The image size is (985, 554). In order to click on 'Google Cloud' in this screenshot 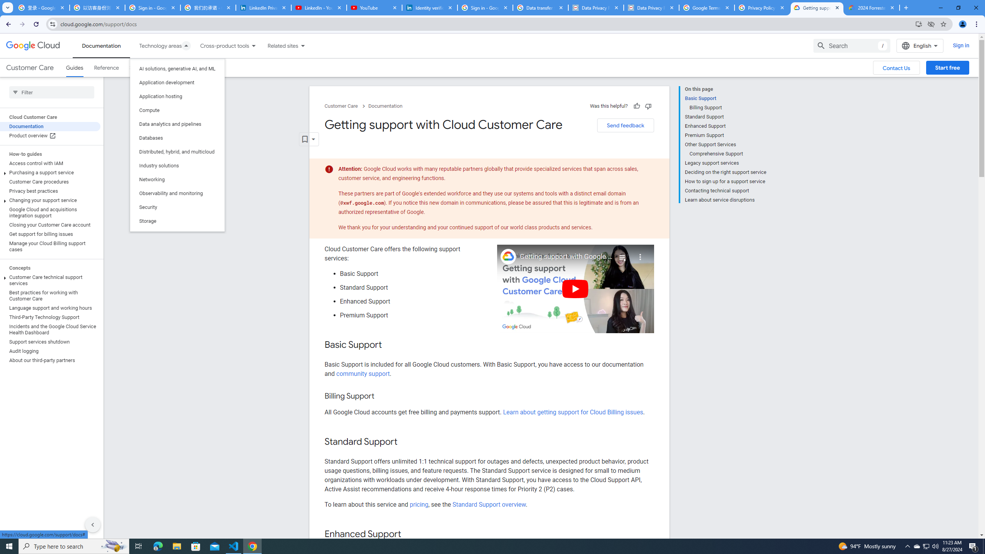, I will do `click(33, 45)`.